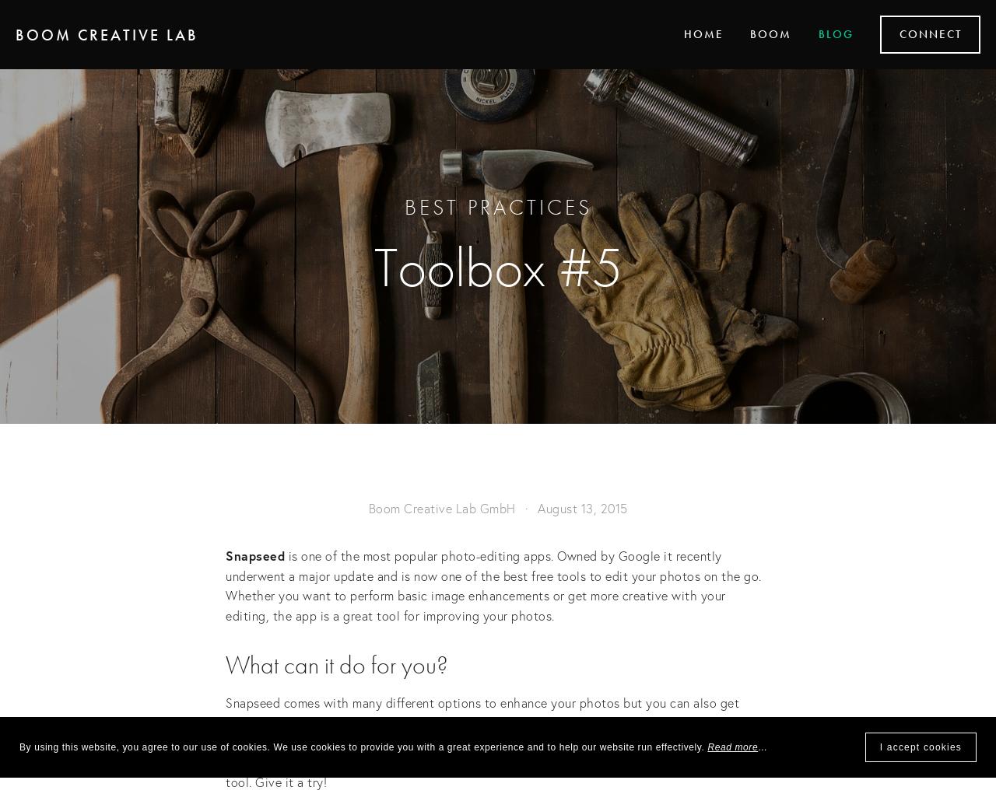  What do you see at coordinates (336, 663) in the screenshot?
I see `'What can it do for you?'` at bounding box center [336, 663].